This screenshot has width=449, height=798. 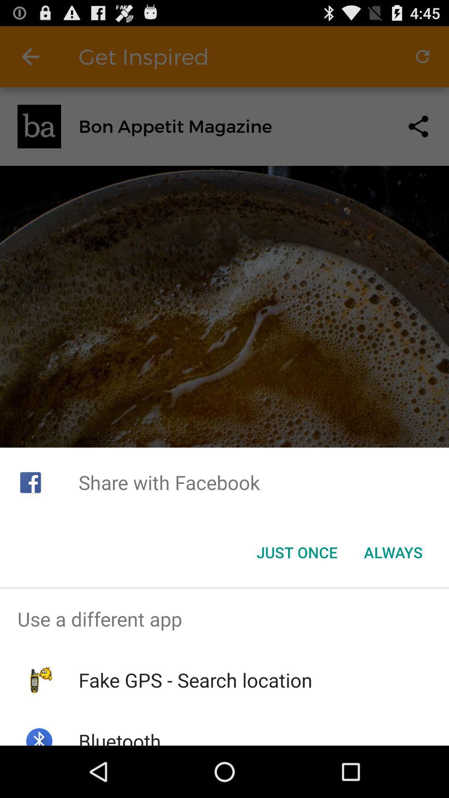 I want to click on the fake gps search, so click(x=195, y=680).